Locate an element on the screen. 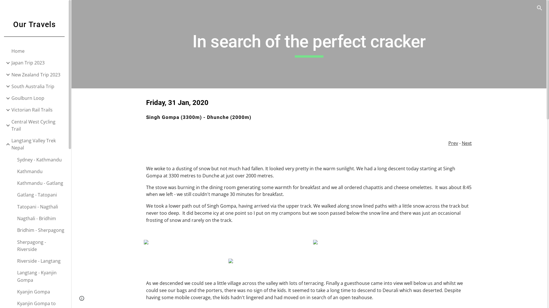 The width and height of the screenshot is (549, 308). 'Sherpagong - Riverside' is located at coordinates (40, 246).